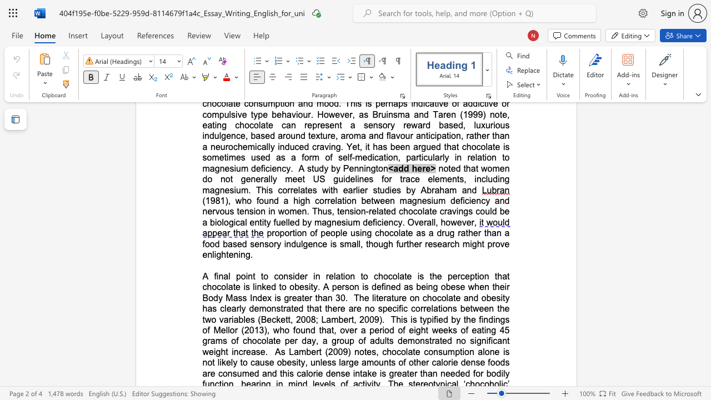 Image resolution: width=711 pixels, height=400 pixels. Describe the element at coordinates (204, 319) in the screenshot. I see `the subset text "wo variables (Beckett, 200" within the text "that there are no specific correlations between the two variables (Beckett, 2008; Lambert, 2009)"` at that location.